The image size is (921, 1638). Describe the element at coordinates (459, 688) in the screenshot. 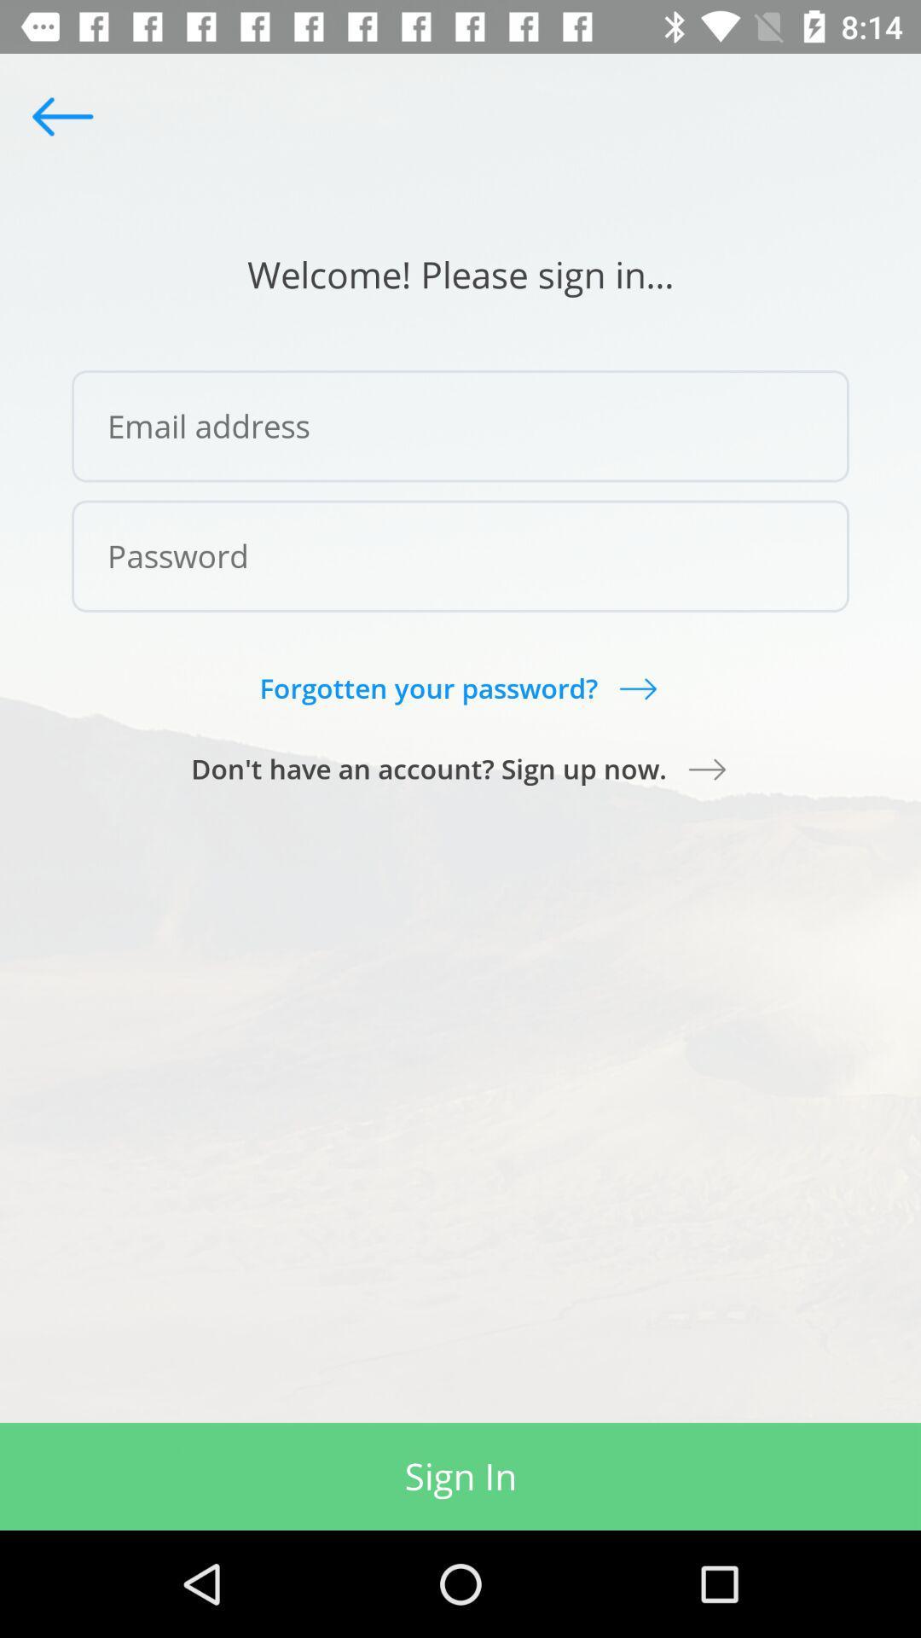

I see `forgotten your password? icon` at that location.